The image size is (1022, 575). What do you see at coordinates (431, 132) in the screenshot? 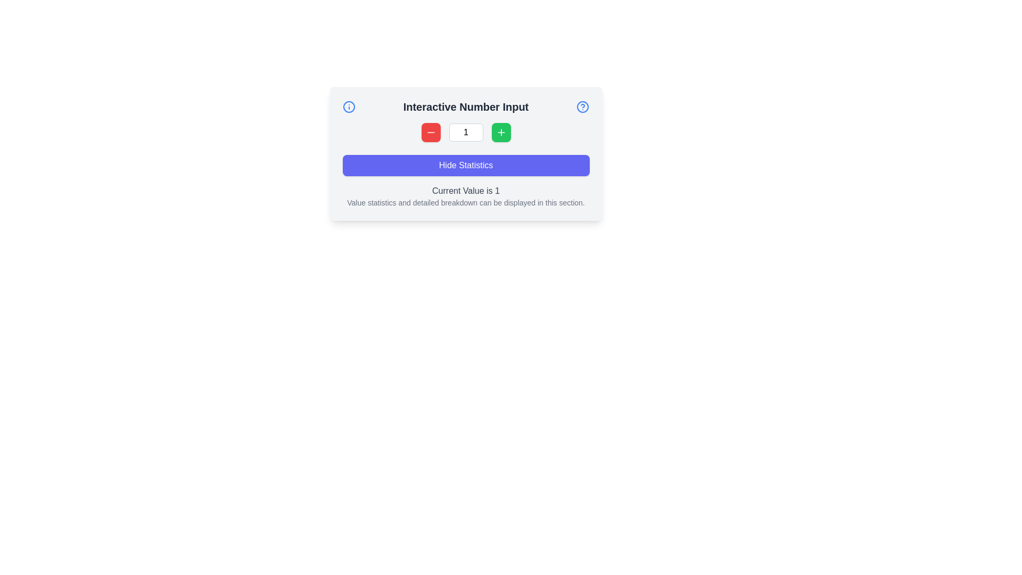
I see `the minus icon located within the red button to the left of the number input field` at bounding box center [431, 132].